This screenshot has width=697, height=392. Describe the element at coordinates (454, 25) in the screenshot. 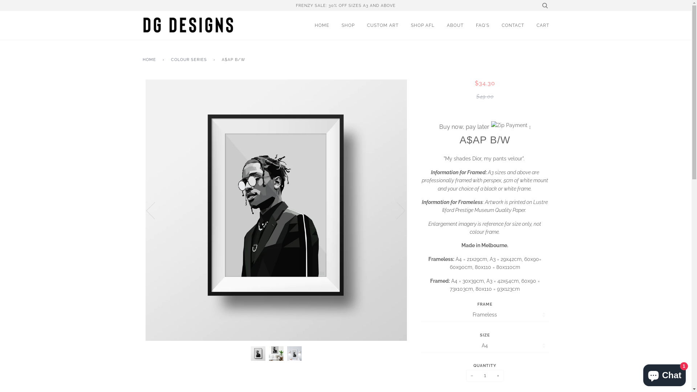

I see `'ABOUT'` at that location.